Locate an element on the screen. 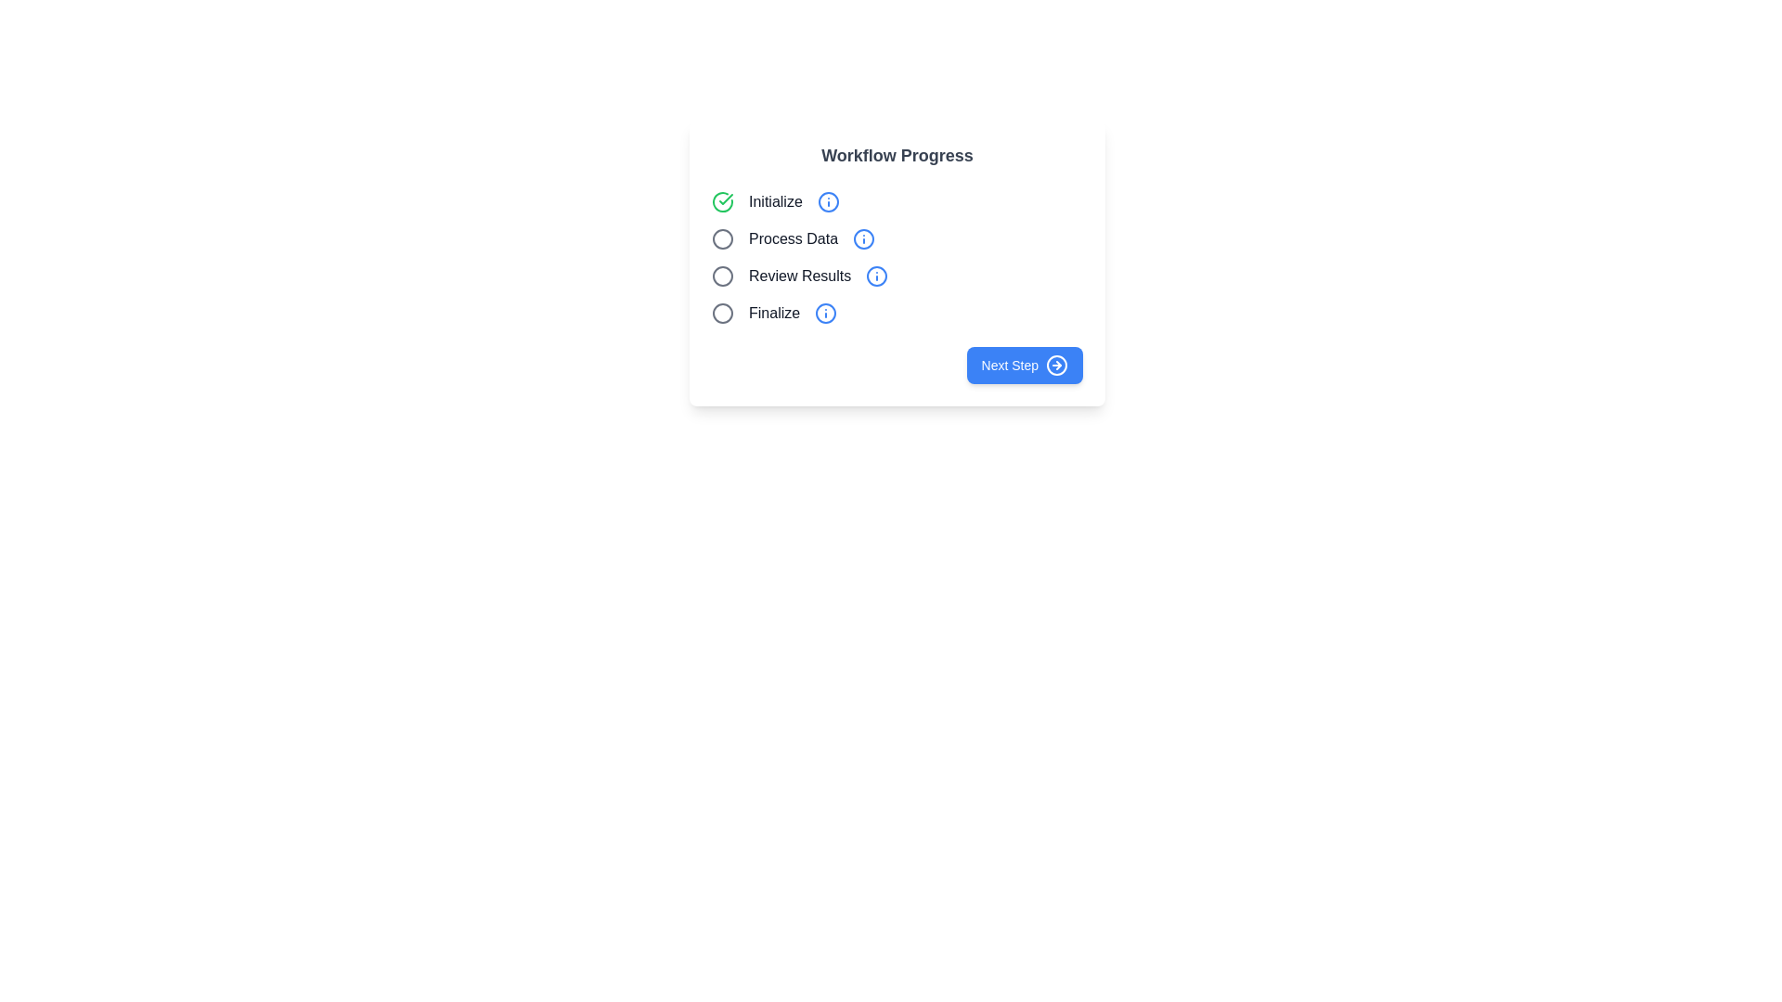  the visual status of the 'Finalize' icon, which is the fourth circle in a vertical list representing steps in a workflow, located next to the text label 'Finalize' is located at coordinates (721, 313).